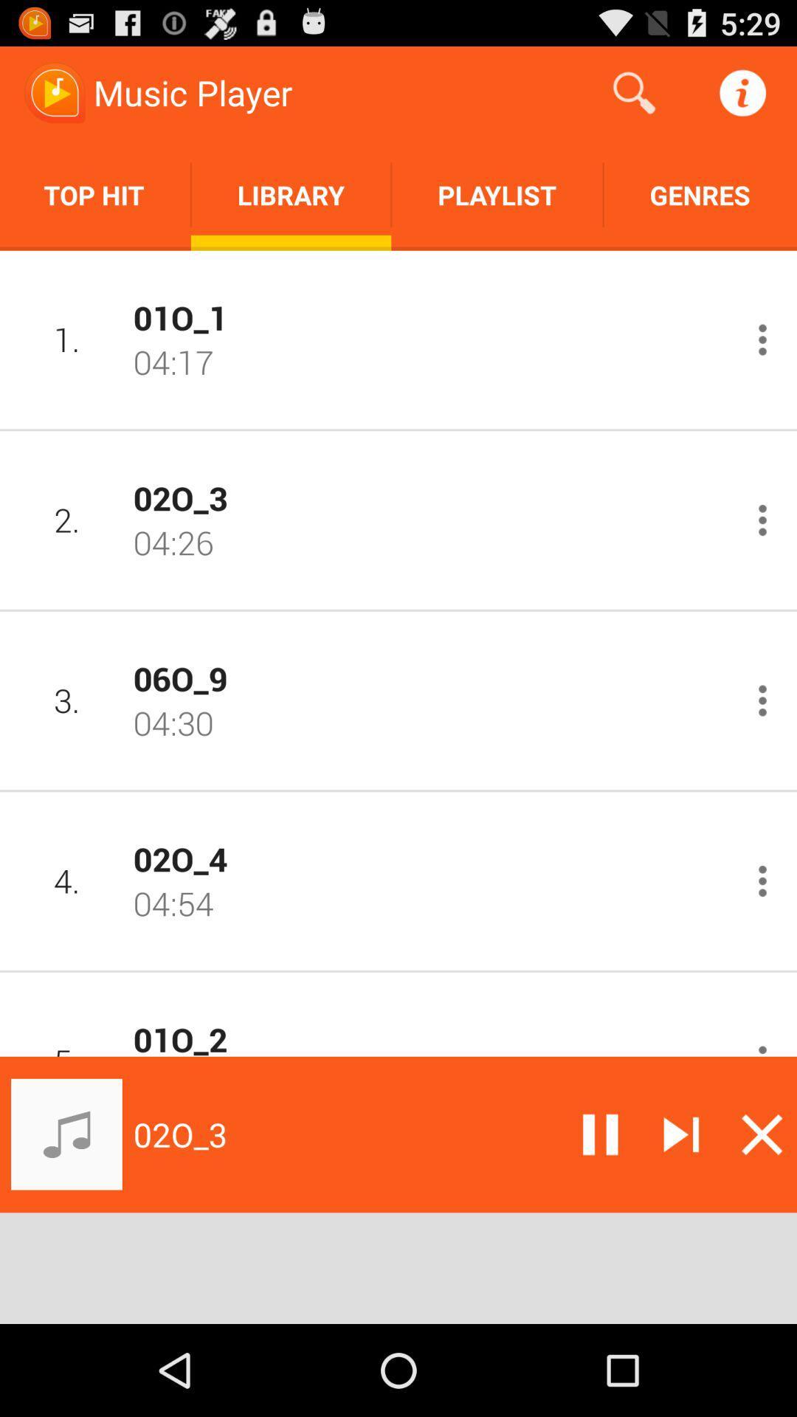 Image resolution: width=797 pixels, height=1417 pixels. What do you see at coordinates (66, 339) in the screenshot?
I see `icon next to 01o_1` at bounding box center [66, 339].